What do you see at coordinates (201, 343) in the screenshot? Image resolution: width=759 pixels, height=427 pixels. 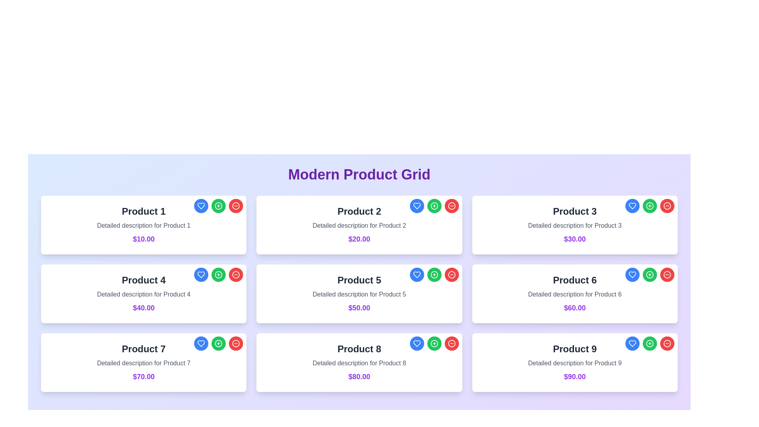 I see `the heart-shaped blue icon located in the top-right corner of the 'Product 7' card` at bounding box center [201, 343].